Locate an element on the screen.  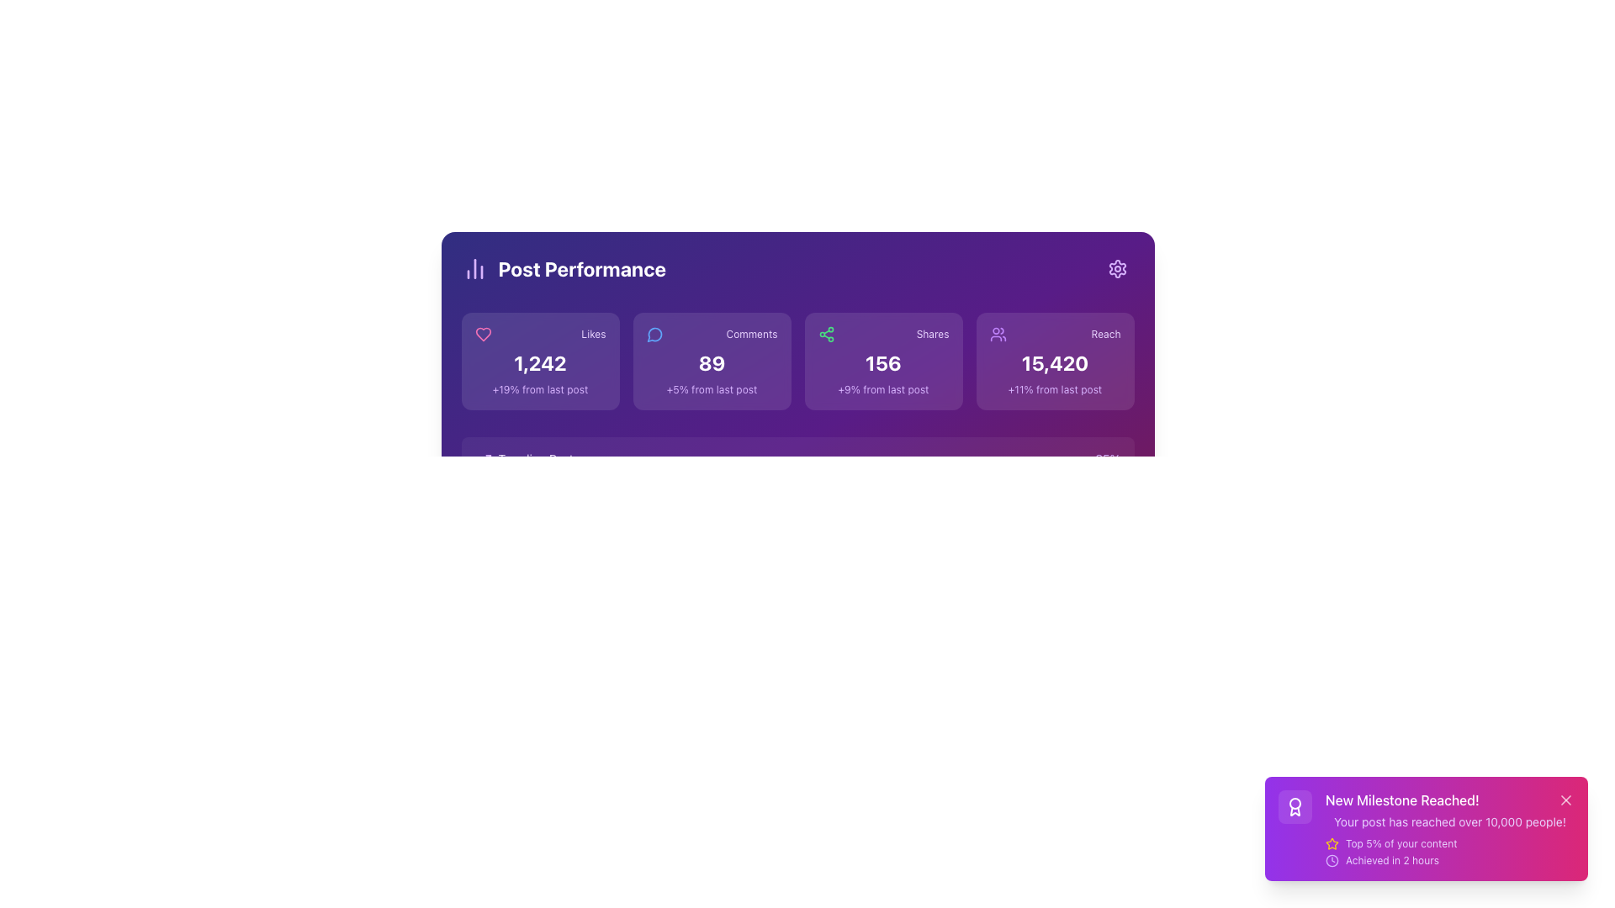
the static text label that indicates the time taken to achieve a milestone, located at the bottom-right section of the notification card is located at coordinates (1392, 860).